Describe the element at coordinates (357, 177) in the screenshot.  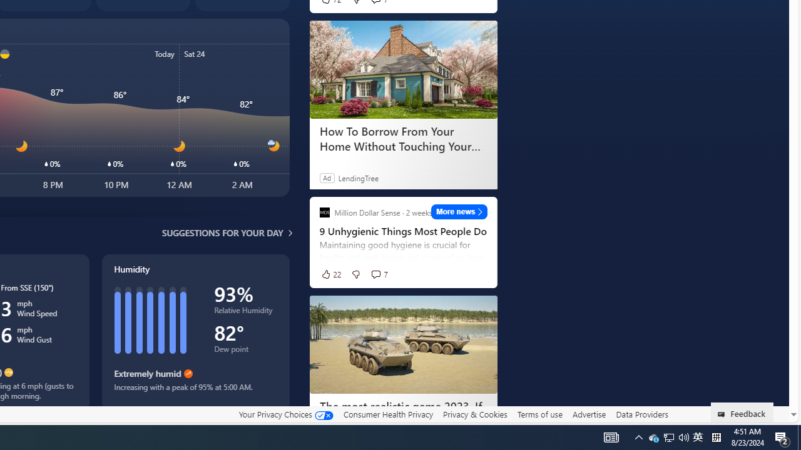
I see `'LendingTree'` at that location.